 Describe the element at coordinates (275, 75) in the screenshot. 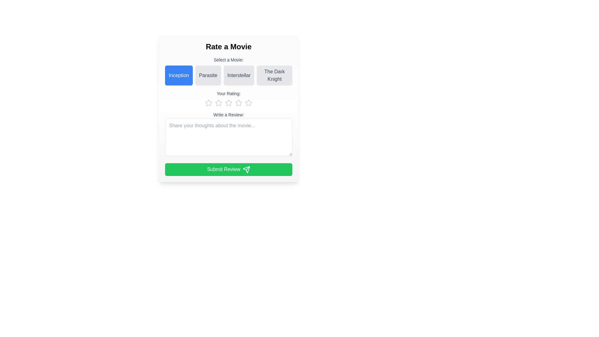

I see `the selectable movie title option for 'The Dark Knight'` at that location.